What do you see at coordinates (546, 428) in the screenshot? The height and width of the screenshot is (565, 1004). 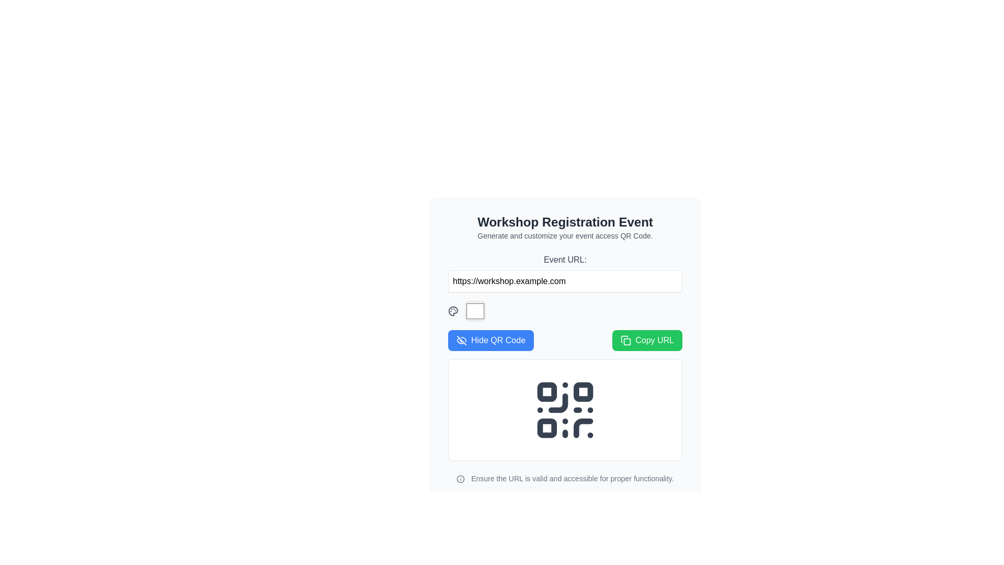 I see `the smaller inner square located in the bottom-left quadrant of the QR code` at bounding box center [546, 428].